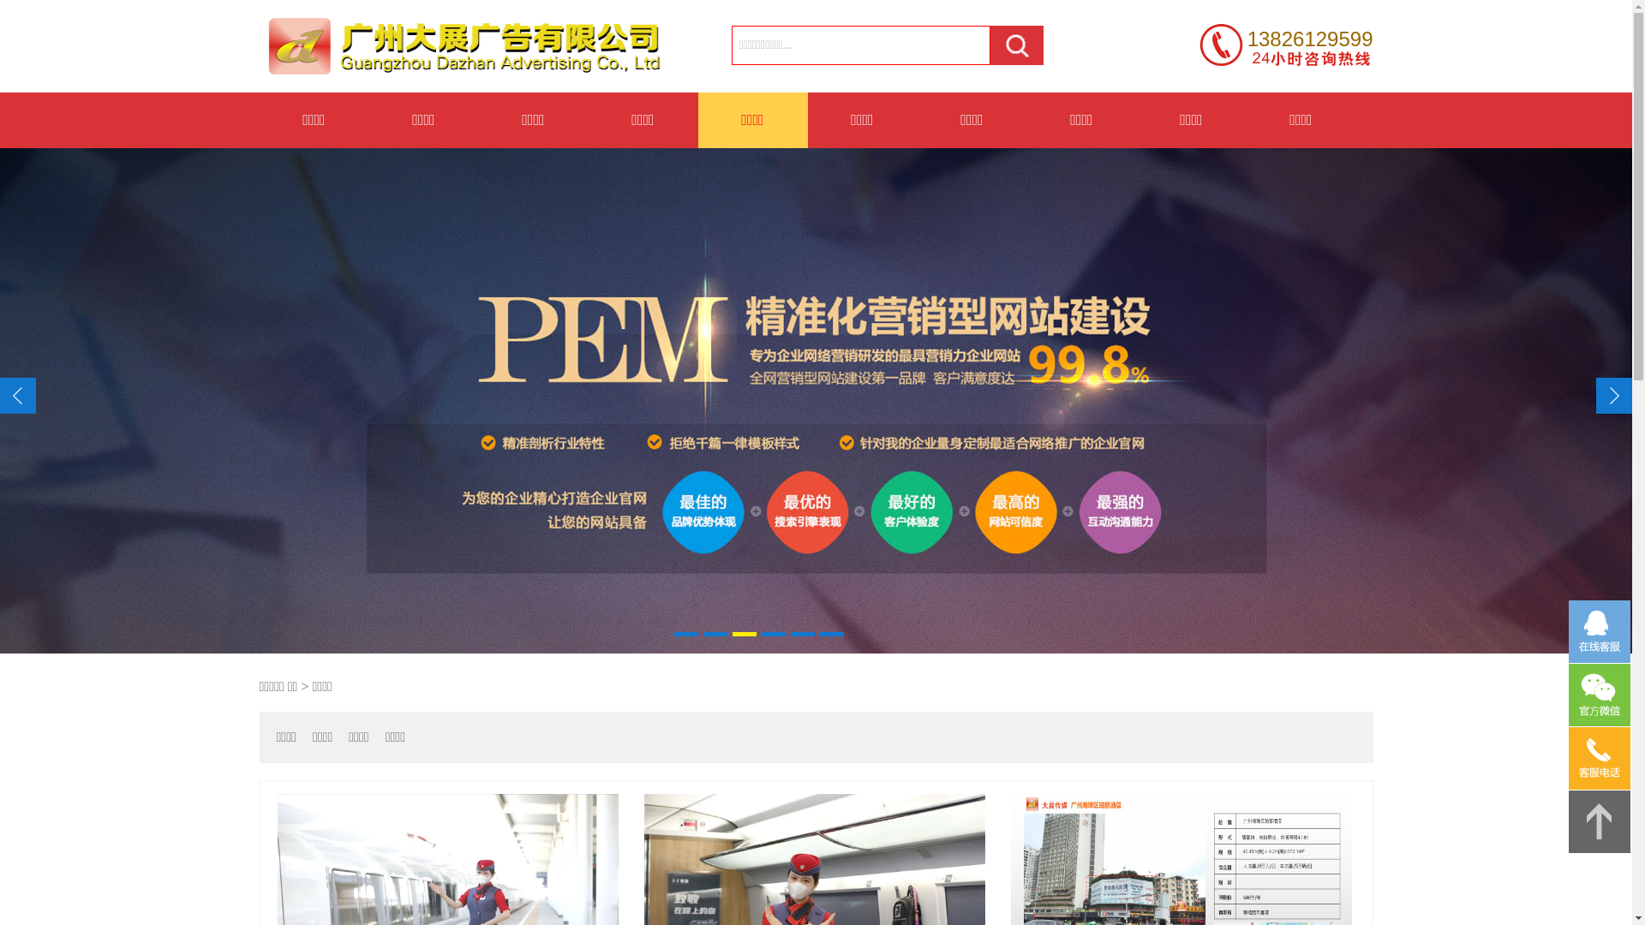 This screenshot has width=1645, height=925. I want to click on '2', so click(715, 634).